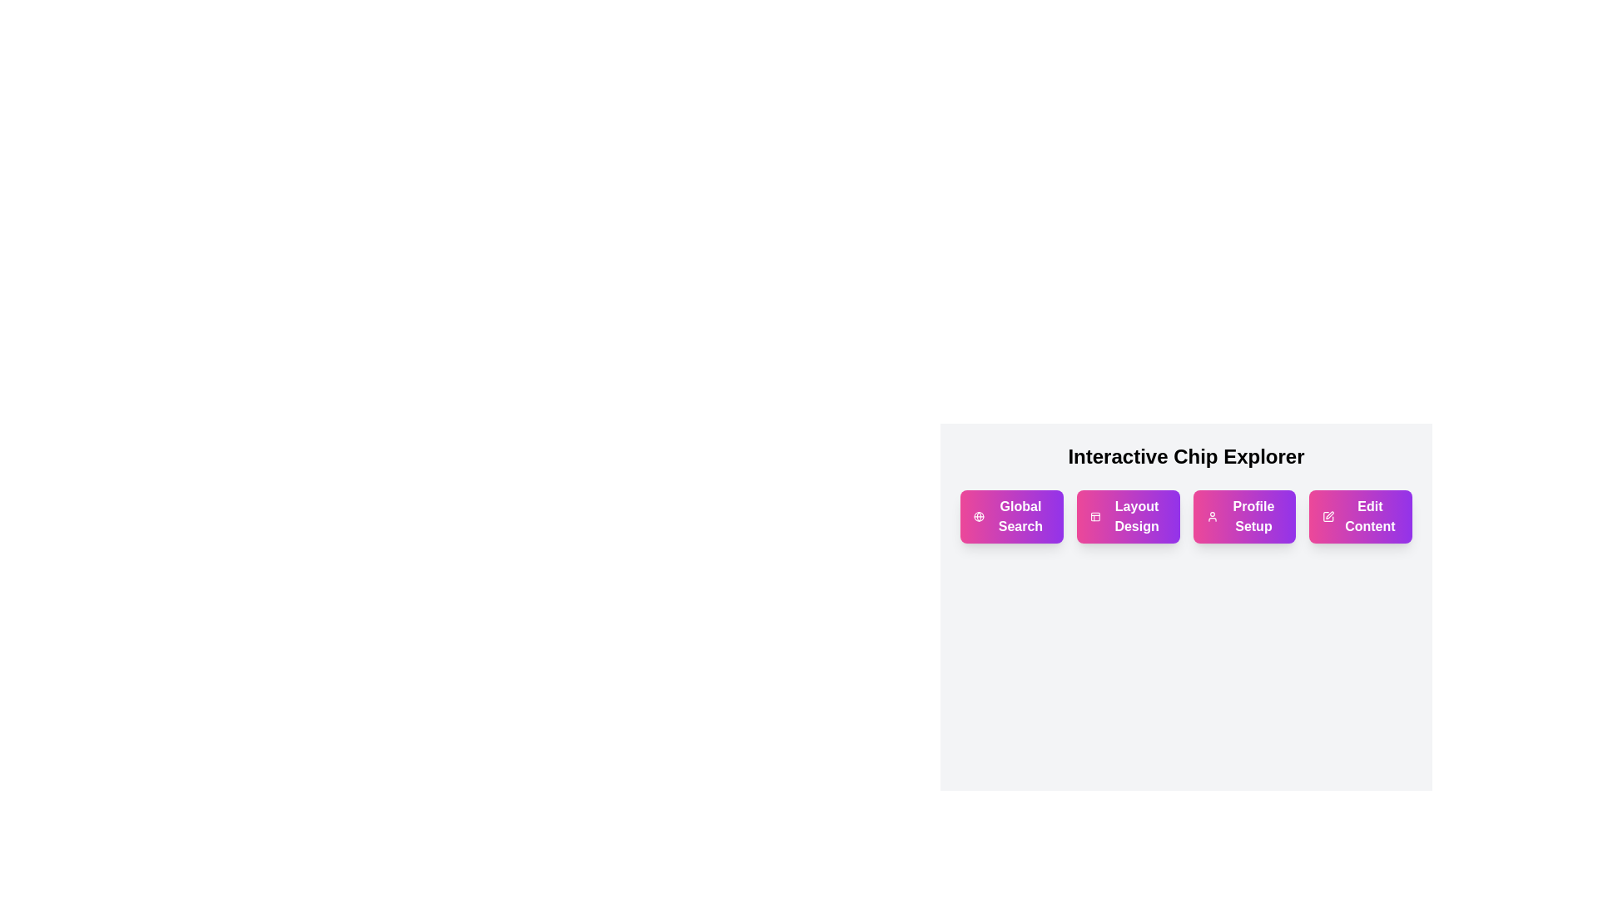 Image resolution: width=1598 pixels, height=899 pixels. Describe the element at coordinates (1010, 516) in the screenshot. I see `the 'Global Search' action chip` at that location.